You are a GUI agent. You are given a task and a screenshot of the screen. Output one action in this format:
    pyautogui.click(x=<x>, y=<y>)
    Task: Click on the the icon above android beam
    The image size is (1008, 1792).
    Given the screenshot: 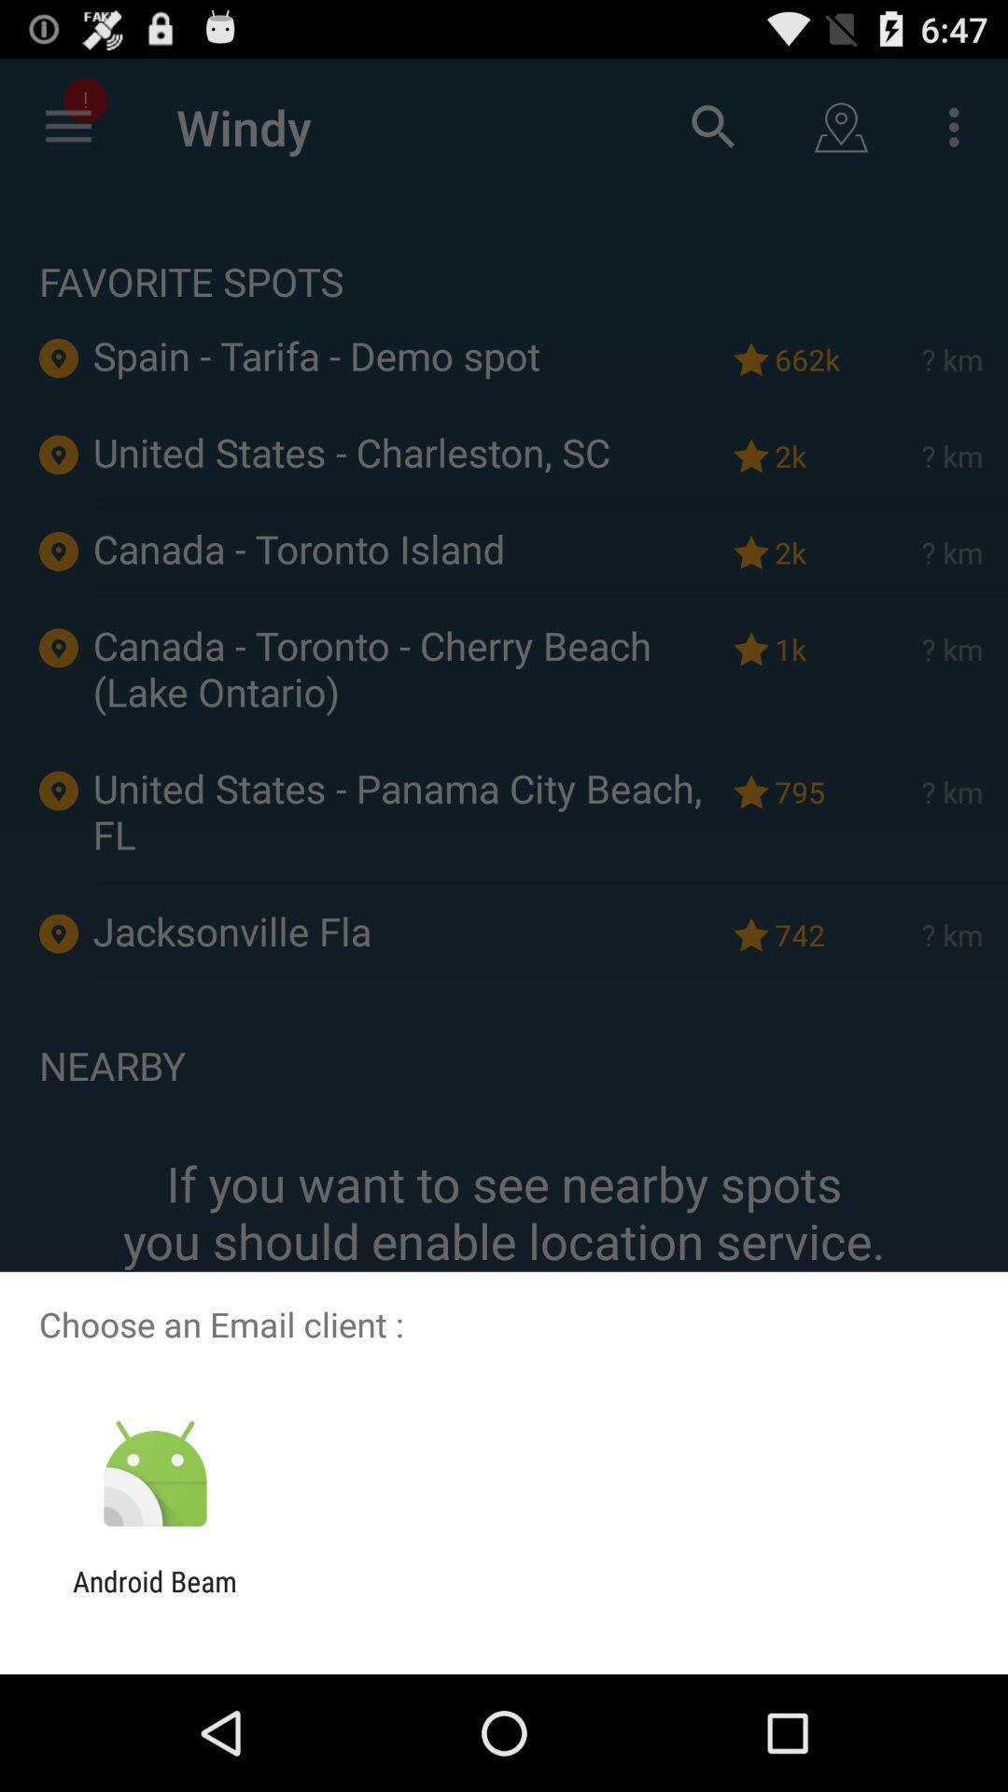 What is the action you would take?
    pyautogui.click(x=154, y=1474)
    